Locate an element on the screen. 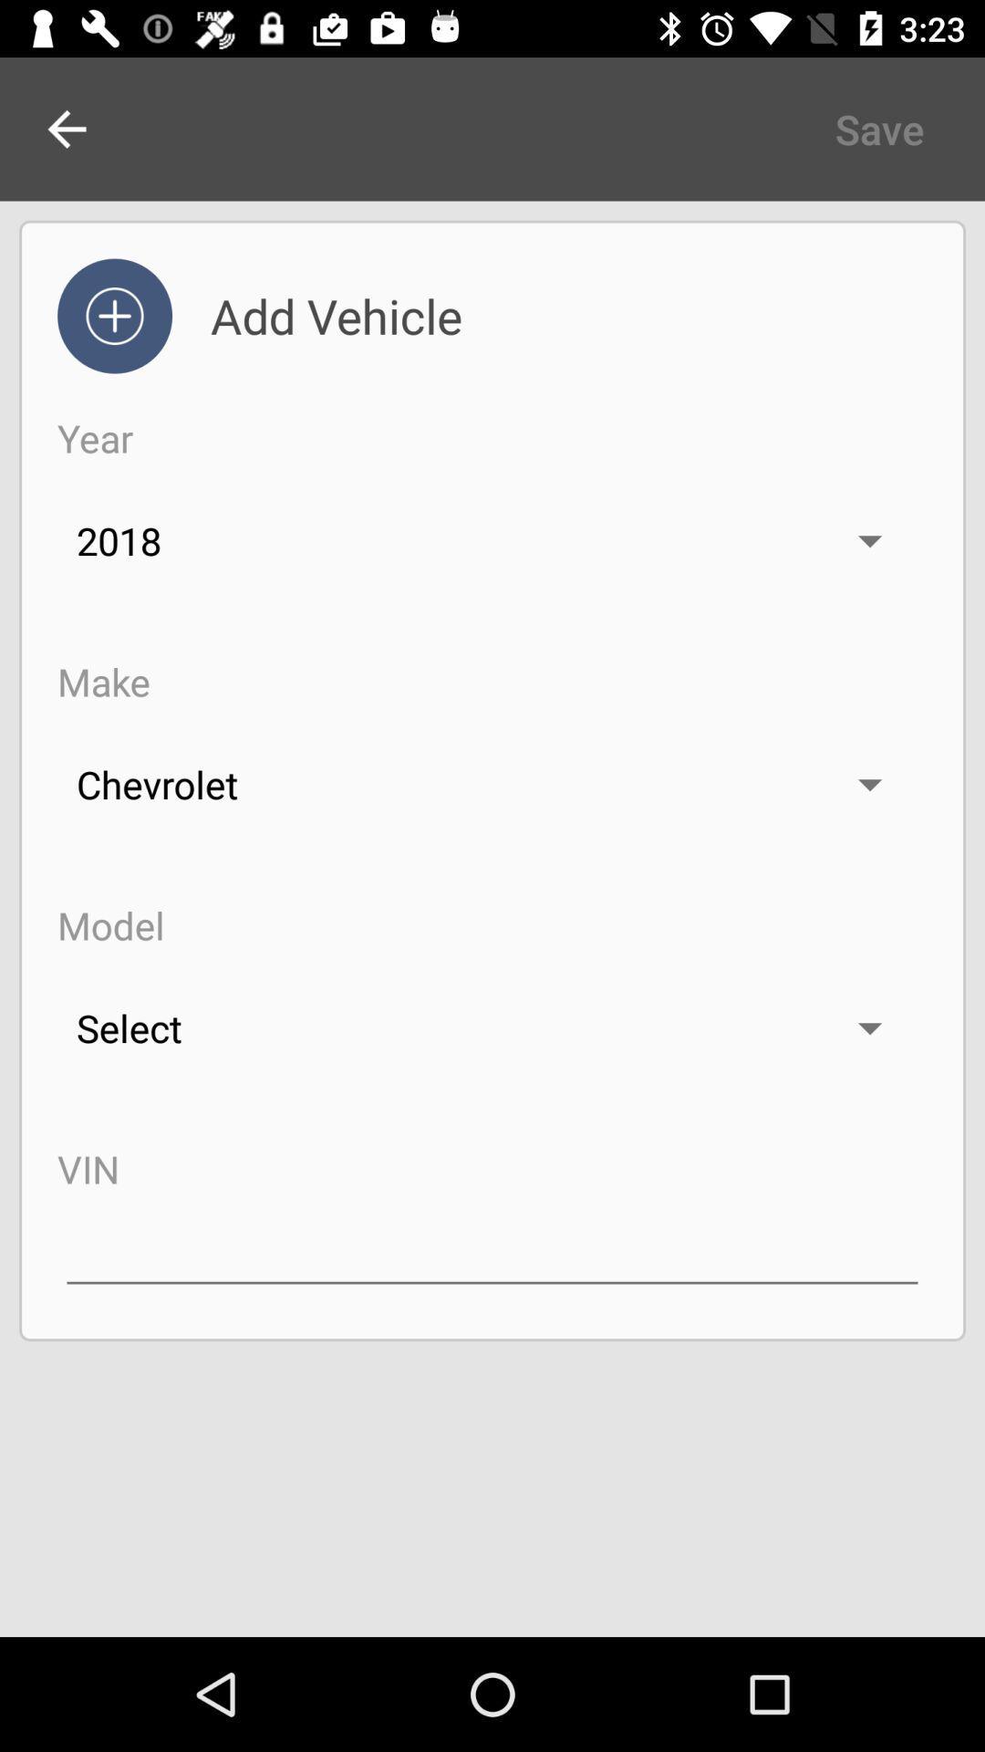 The height and width of the screenshot is (1752, 985). input vin number line is located at coordinates (493, 1247).